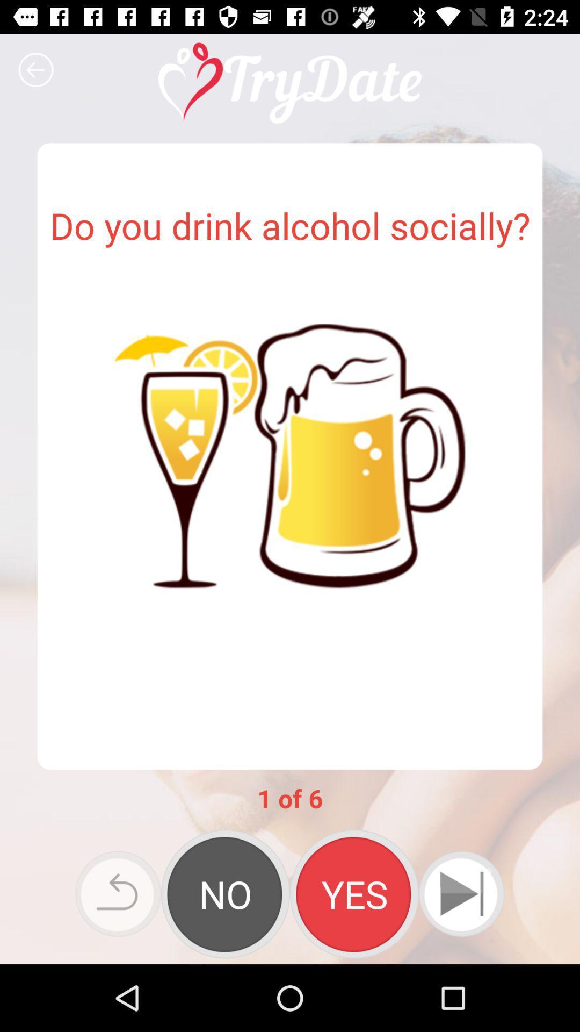 The width and height of the screenshot is (580, 1032). What do you see at coordinates (225, 894) in the screenshot?
I see `option` at bounding box center [225, 894].